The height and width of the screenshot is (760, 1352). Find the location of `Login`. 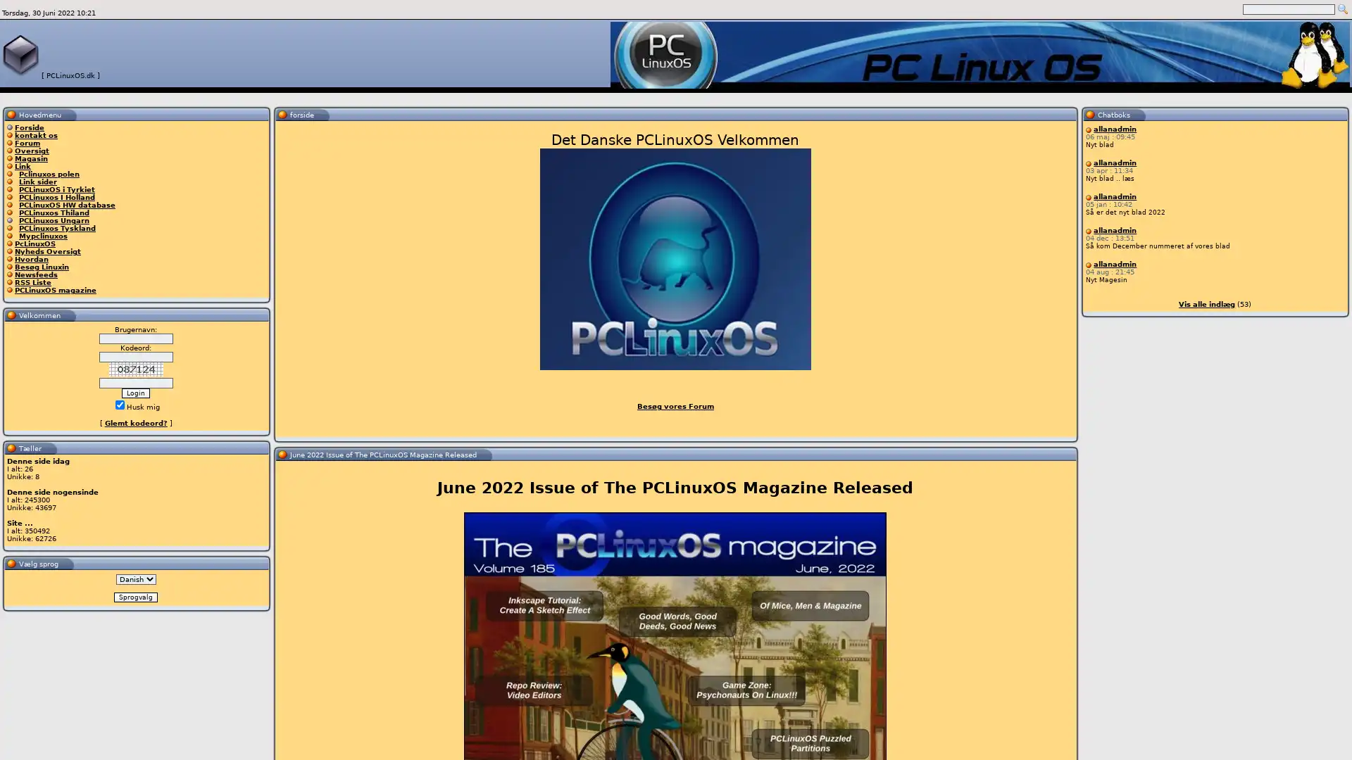

Login is located at coordinates (135, 393).